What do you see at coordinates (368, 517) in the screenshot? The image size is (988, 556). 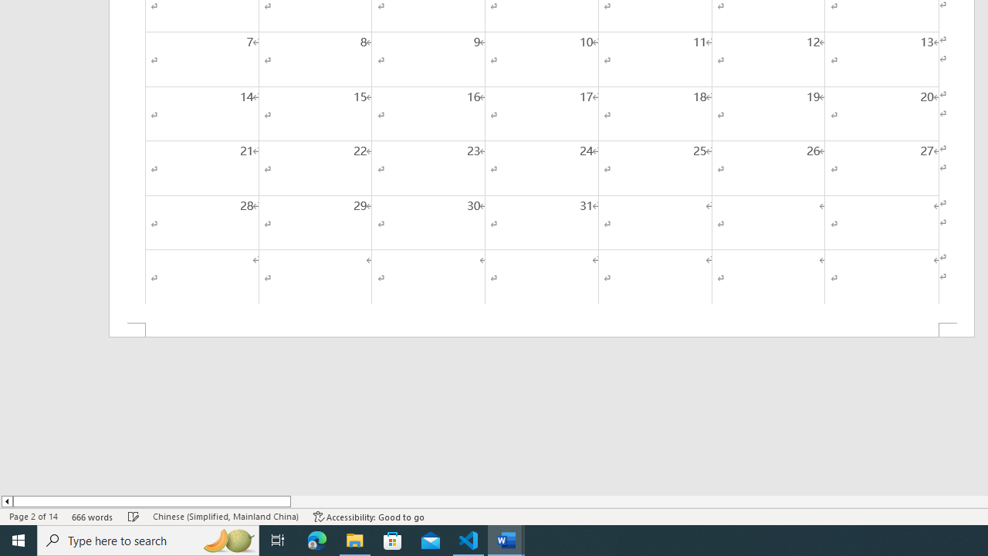 I see `'Accessibility Checker Accessibility: Good to go'` at bounding box center [368, 517].